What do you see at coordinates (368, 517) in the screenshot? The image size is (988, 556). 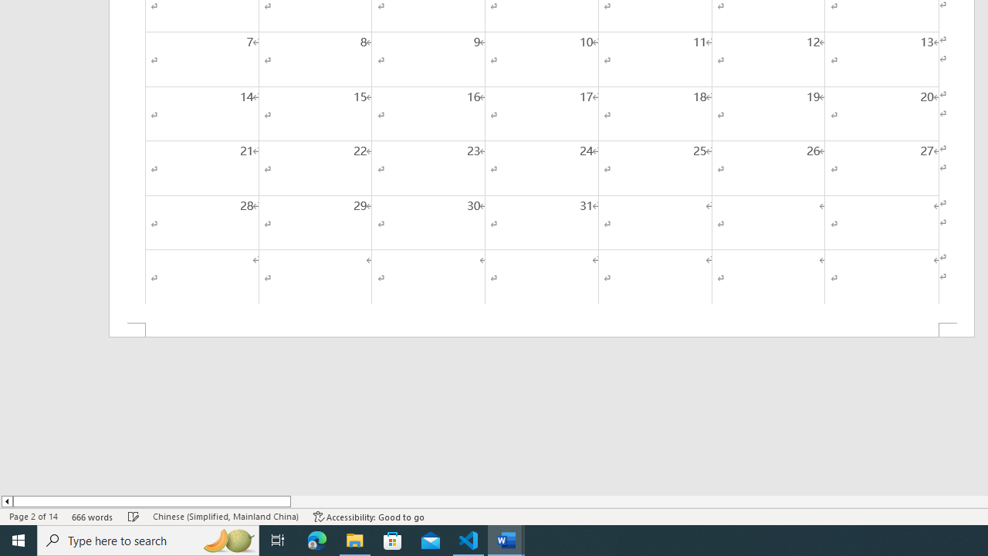 I see `'Accessibility Checker Accessibility: Good to go'` at bounding box center [368, 517].